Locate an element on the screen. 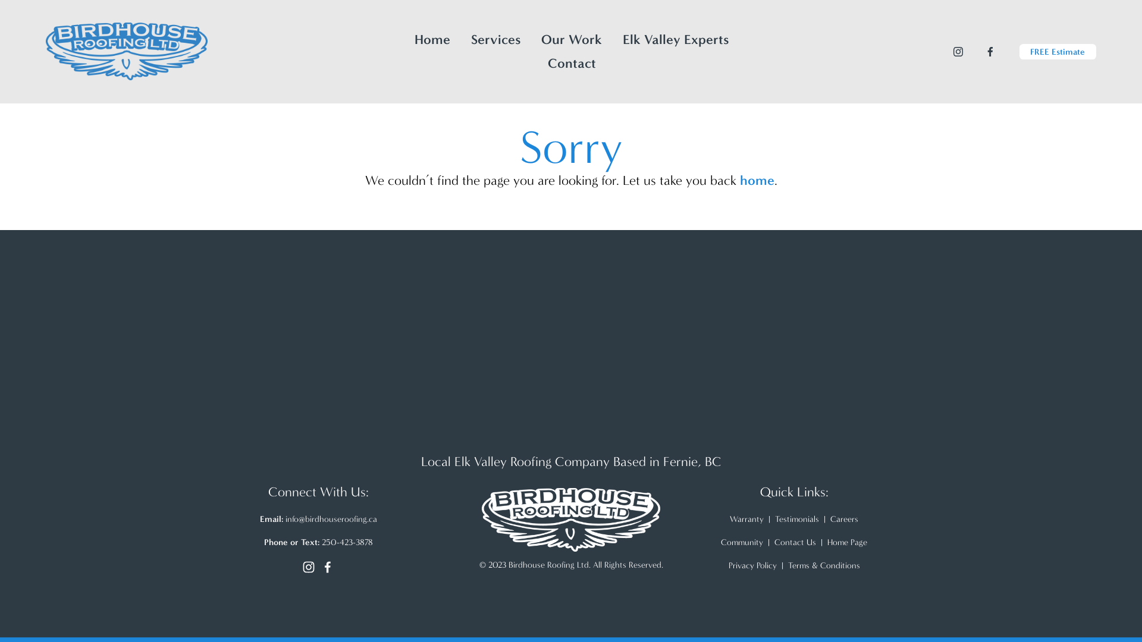  'FREE Estimate' is located at coordinates (1058, 51).